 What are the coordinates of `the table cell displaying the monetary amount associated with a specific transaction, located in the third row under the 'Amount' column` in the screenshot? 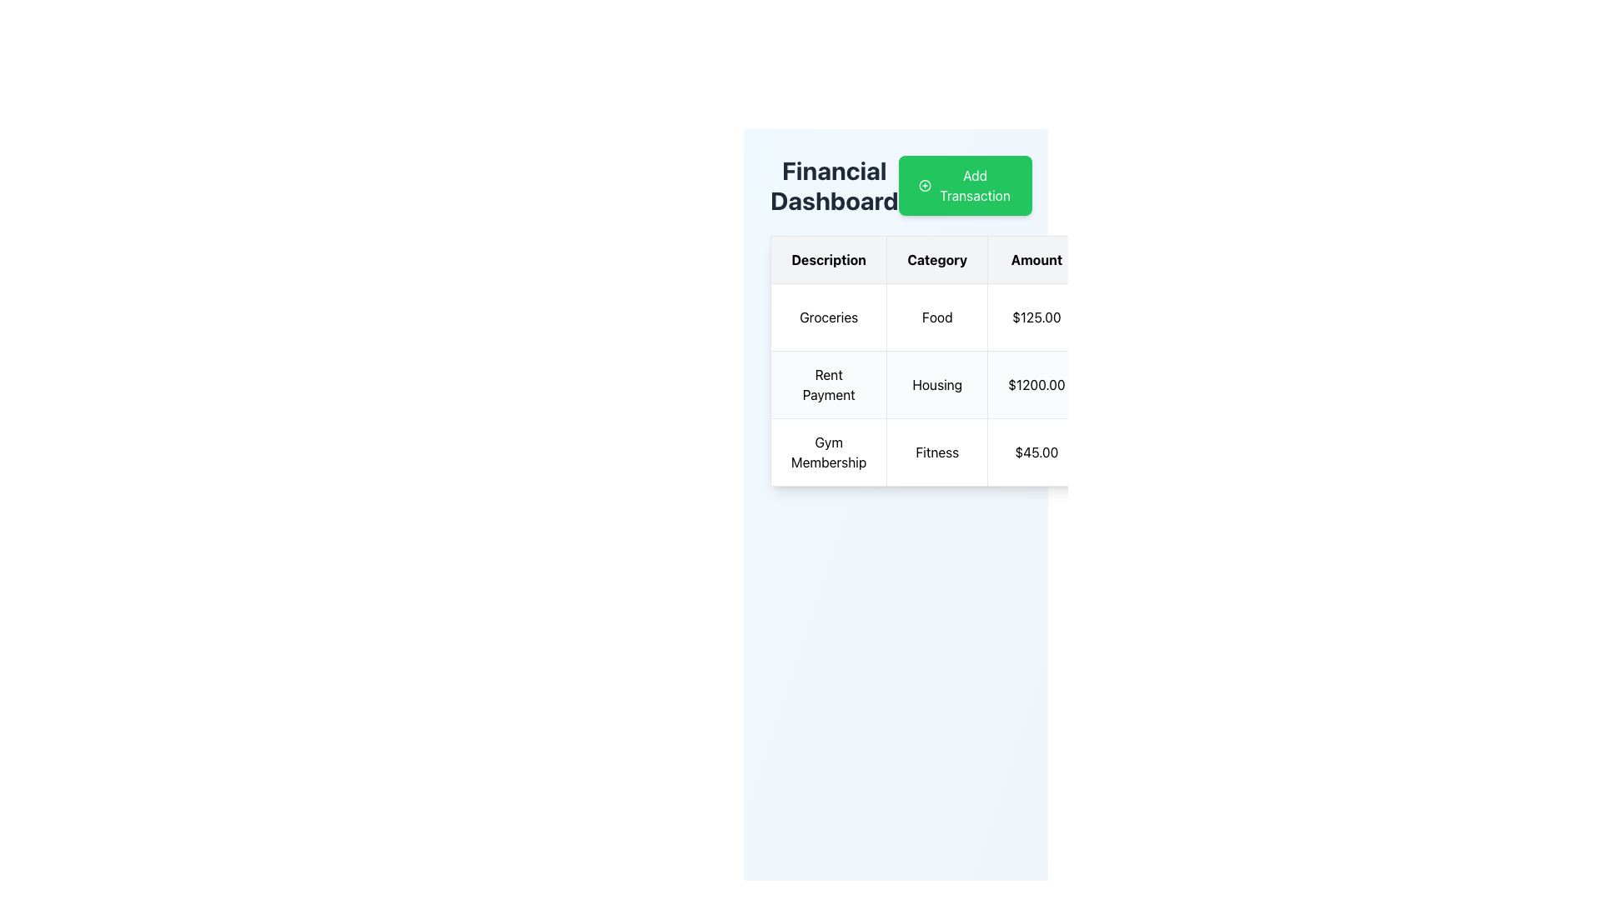 It's located at (1036, 452).